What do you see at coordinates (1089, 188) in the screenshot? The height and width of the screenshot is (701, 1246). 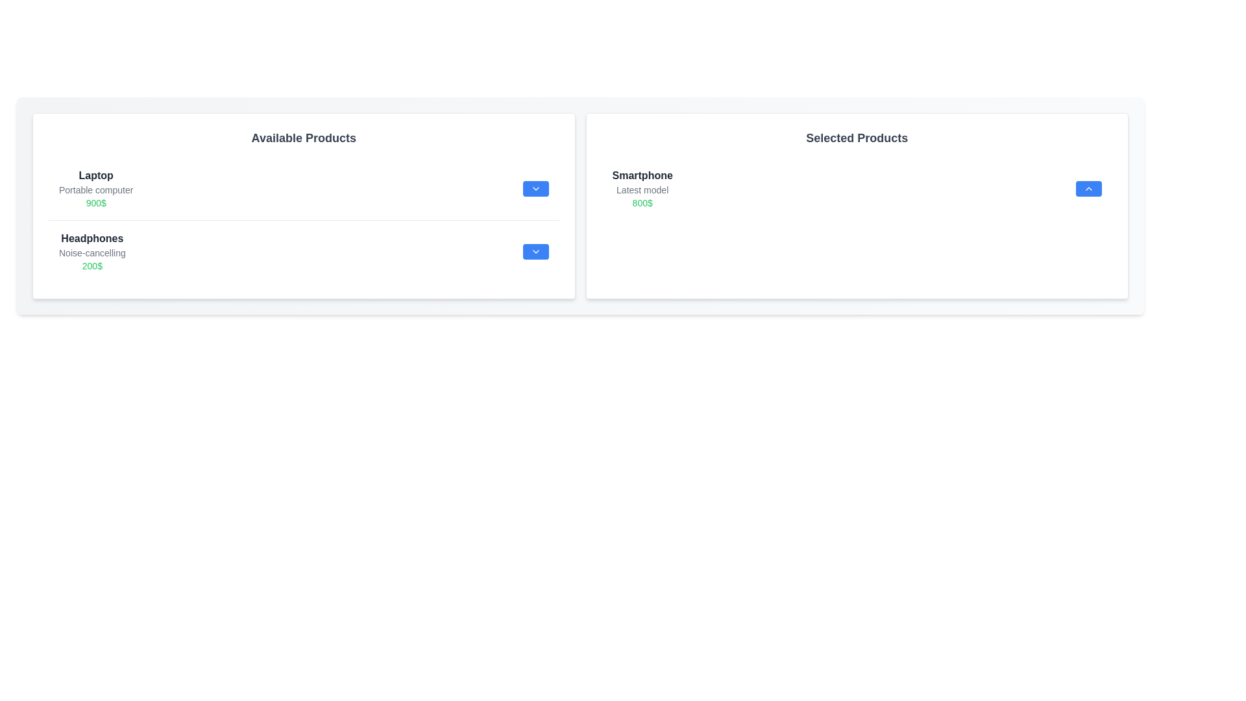 I see `upward arrow button associated with the item in the 'Selected Products' list to transfer it to the 'Available Products' list` at bounding box center [1089, 188].